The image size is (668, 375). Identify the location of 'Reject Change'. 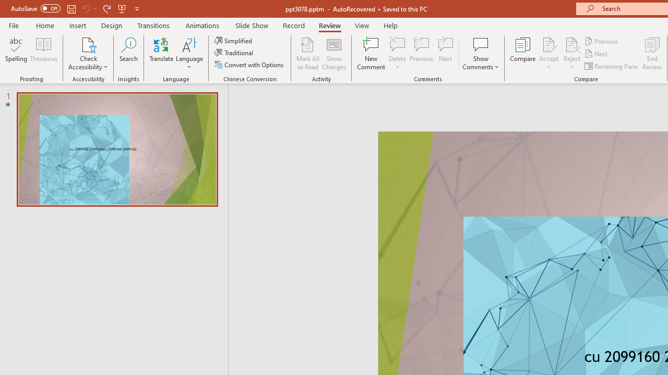
(571, 44).